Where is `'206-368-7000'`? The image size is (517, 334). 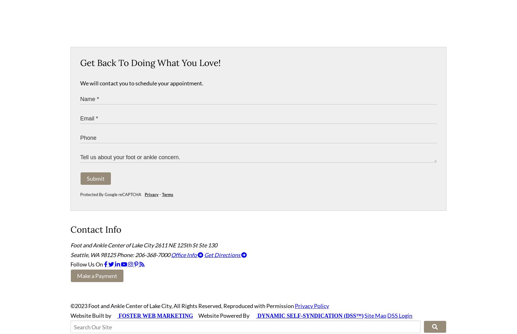 '206-368-7000' is located at coordinates (152, 257).